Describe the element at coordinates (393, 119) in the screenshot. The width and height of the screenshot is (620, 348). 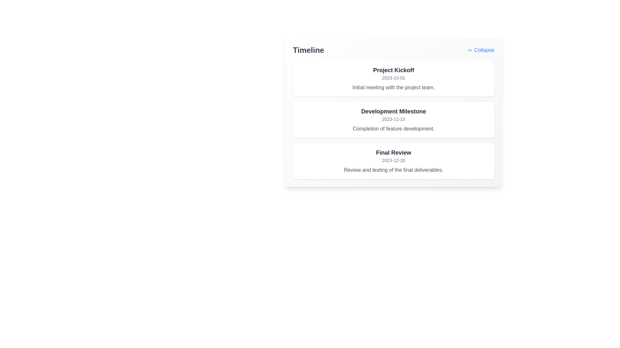
I see `the label displaying the date '2023-11-15' in gray font, located within the 'Development Milestone' card` at that location.